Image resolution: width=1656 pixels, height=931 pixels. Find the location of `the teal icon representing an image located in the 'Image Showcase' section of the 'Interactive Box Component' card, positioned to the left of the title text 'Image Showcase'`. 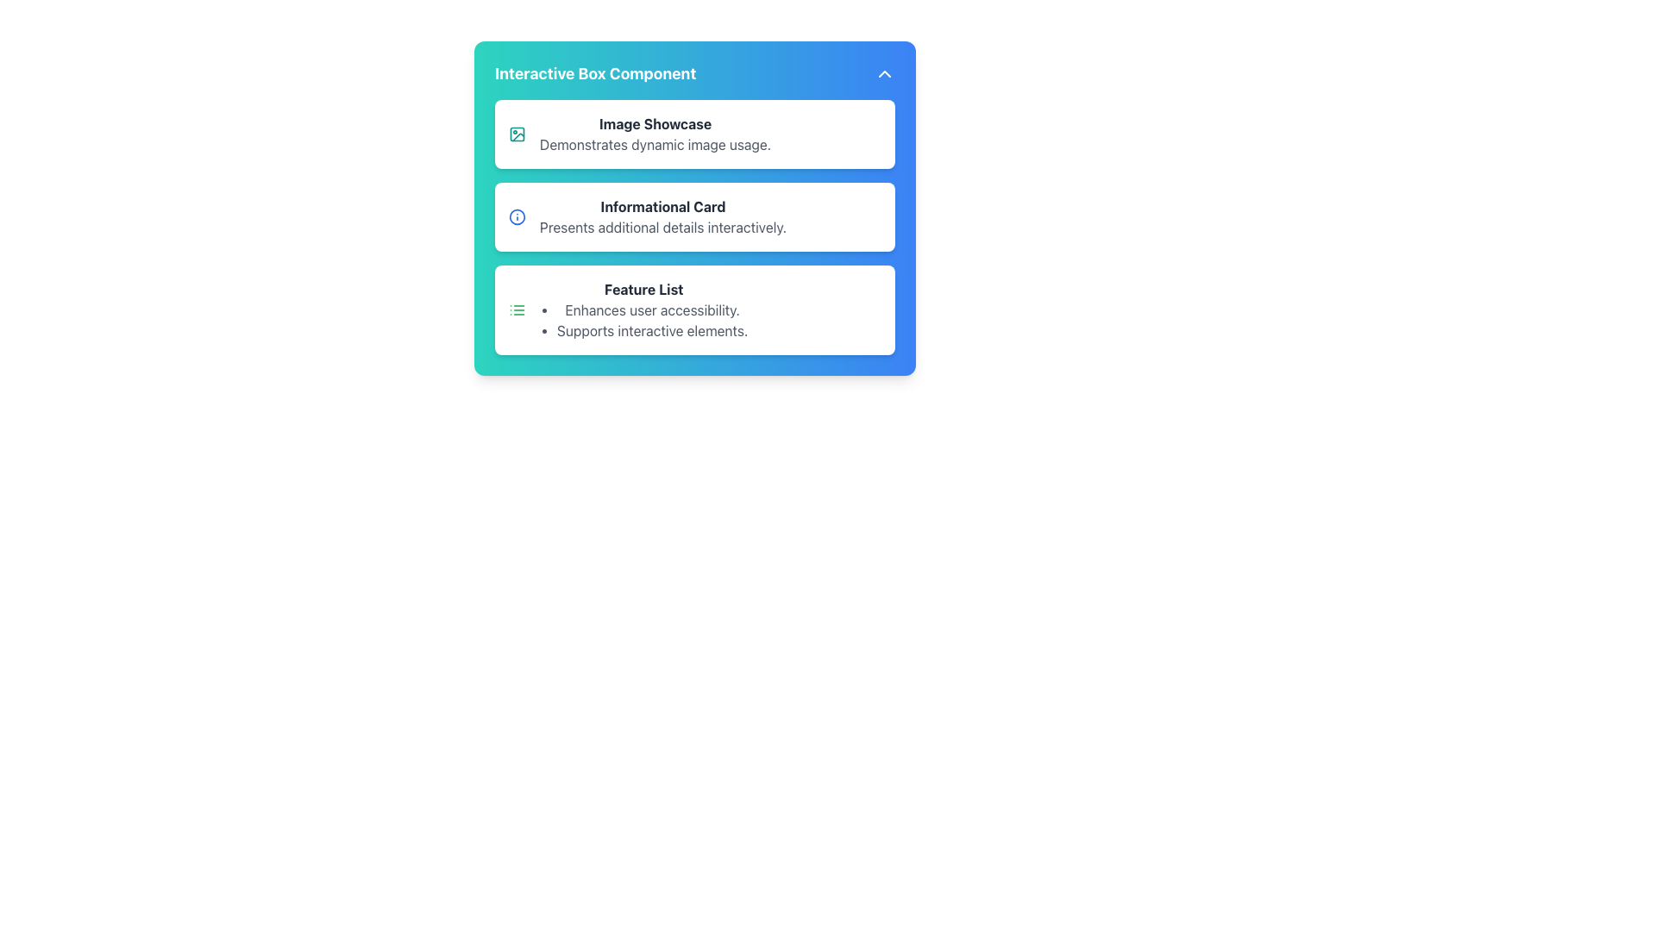

the teal icon representing an image located in the 'Image Showcase' section of the 'Interactive Box Component' card, positioned to the left of the title text 'Image Showcase' is located at coordinates (517, 133).